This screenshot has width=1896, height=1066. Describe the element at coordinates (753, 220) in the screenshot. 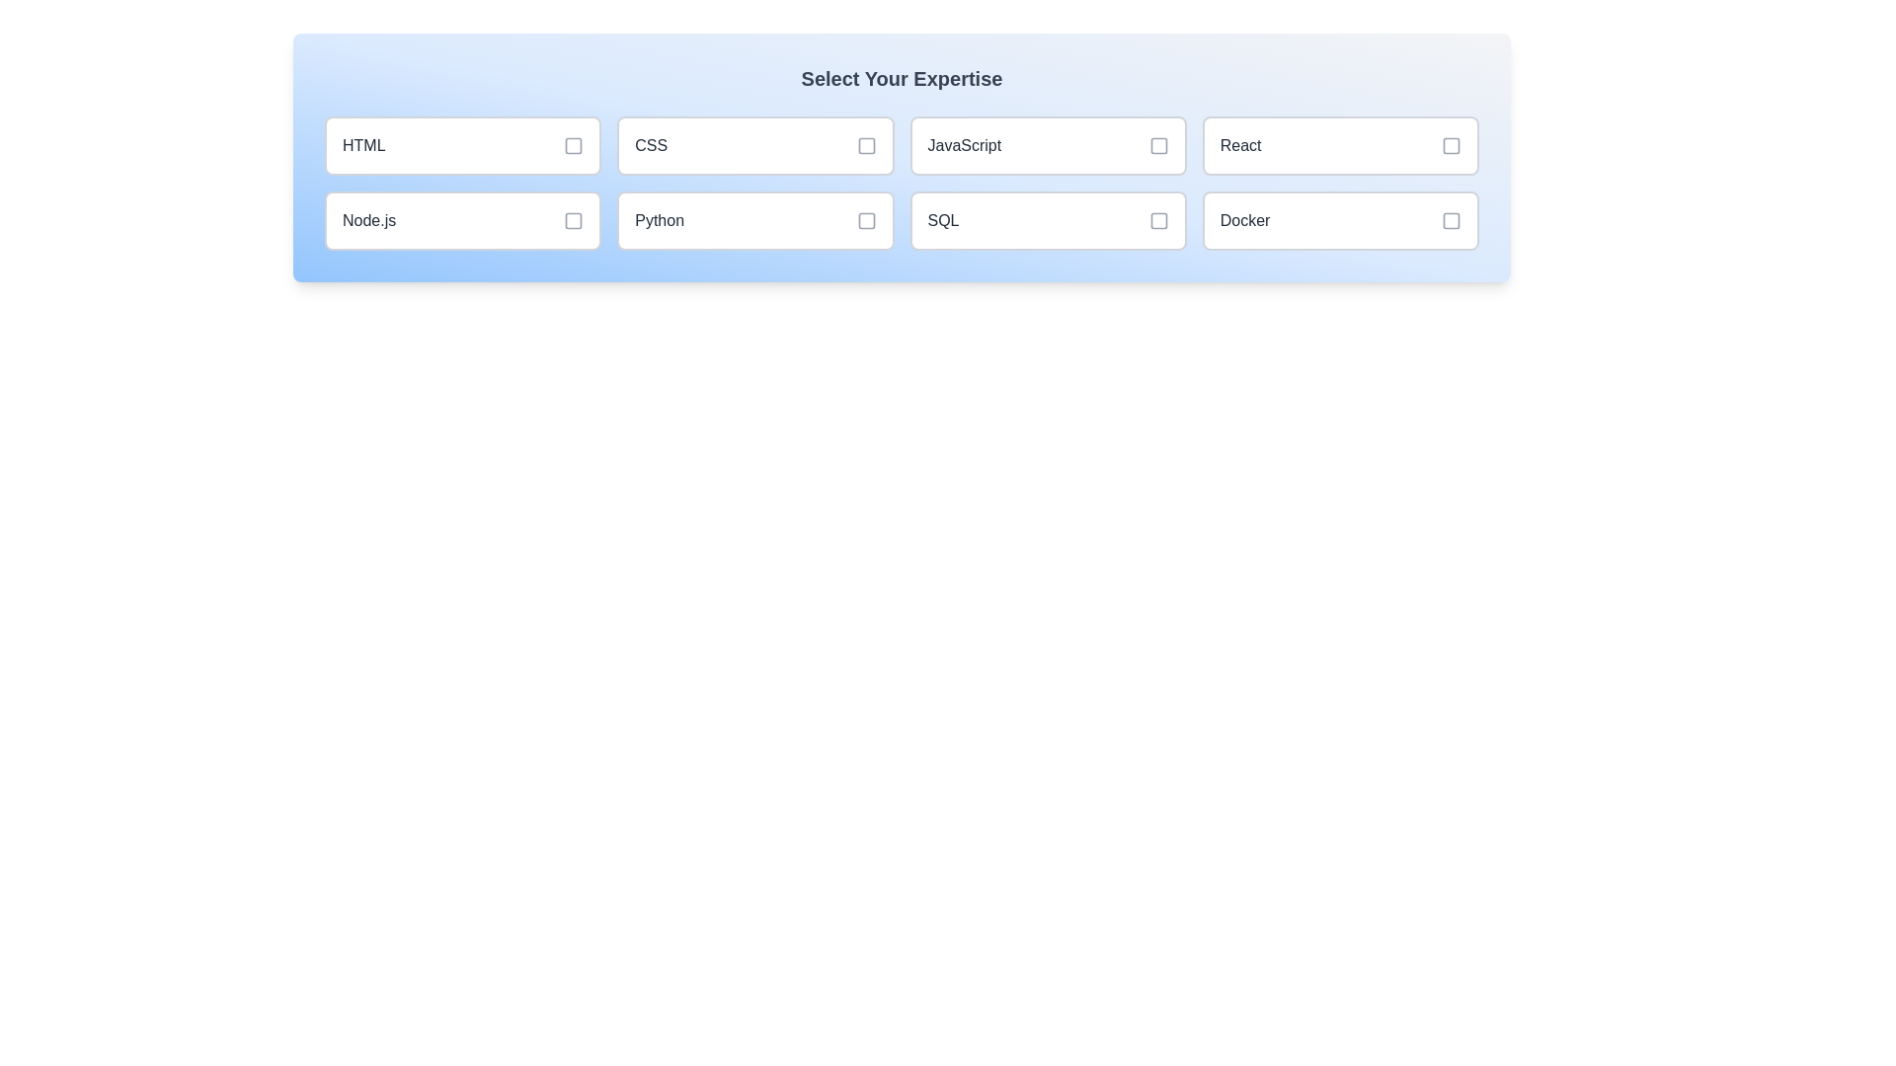

I see `the skill item labeled Python to toggle its selection state` at that location.